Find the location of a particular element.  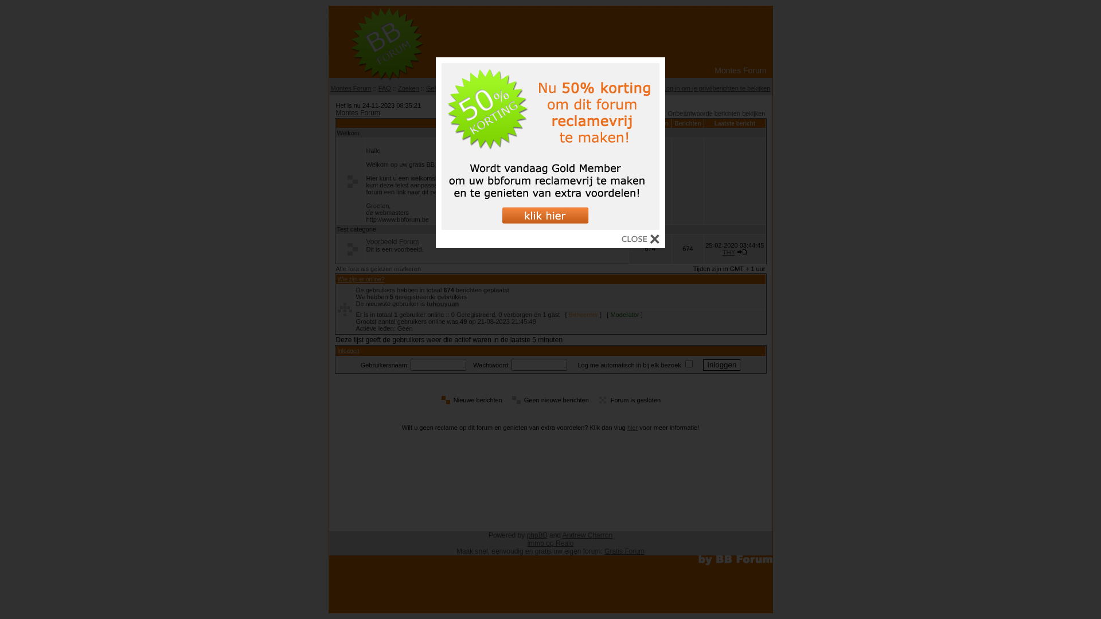

'Wie zijn er online?' is located at coordinates (360, 279).